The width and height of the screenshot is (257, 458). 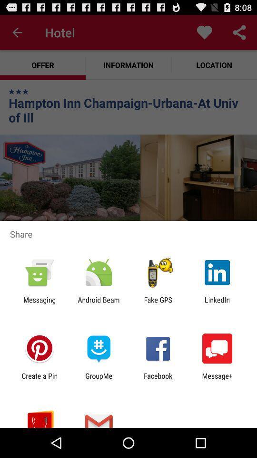 What do you see at coordinates (158, 303) in the screenshot?
I see `app next to the linkedin item` at bounding box center [158, 303].